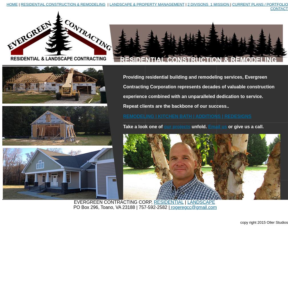 This screenshot has height=285, width=288. Describe the element at coordinates (245, 77) in the screenshot. I see `'services, Evergreen'` at that location.